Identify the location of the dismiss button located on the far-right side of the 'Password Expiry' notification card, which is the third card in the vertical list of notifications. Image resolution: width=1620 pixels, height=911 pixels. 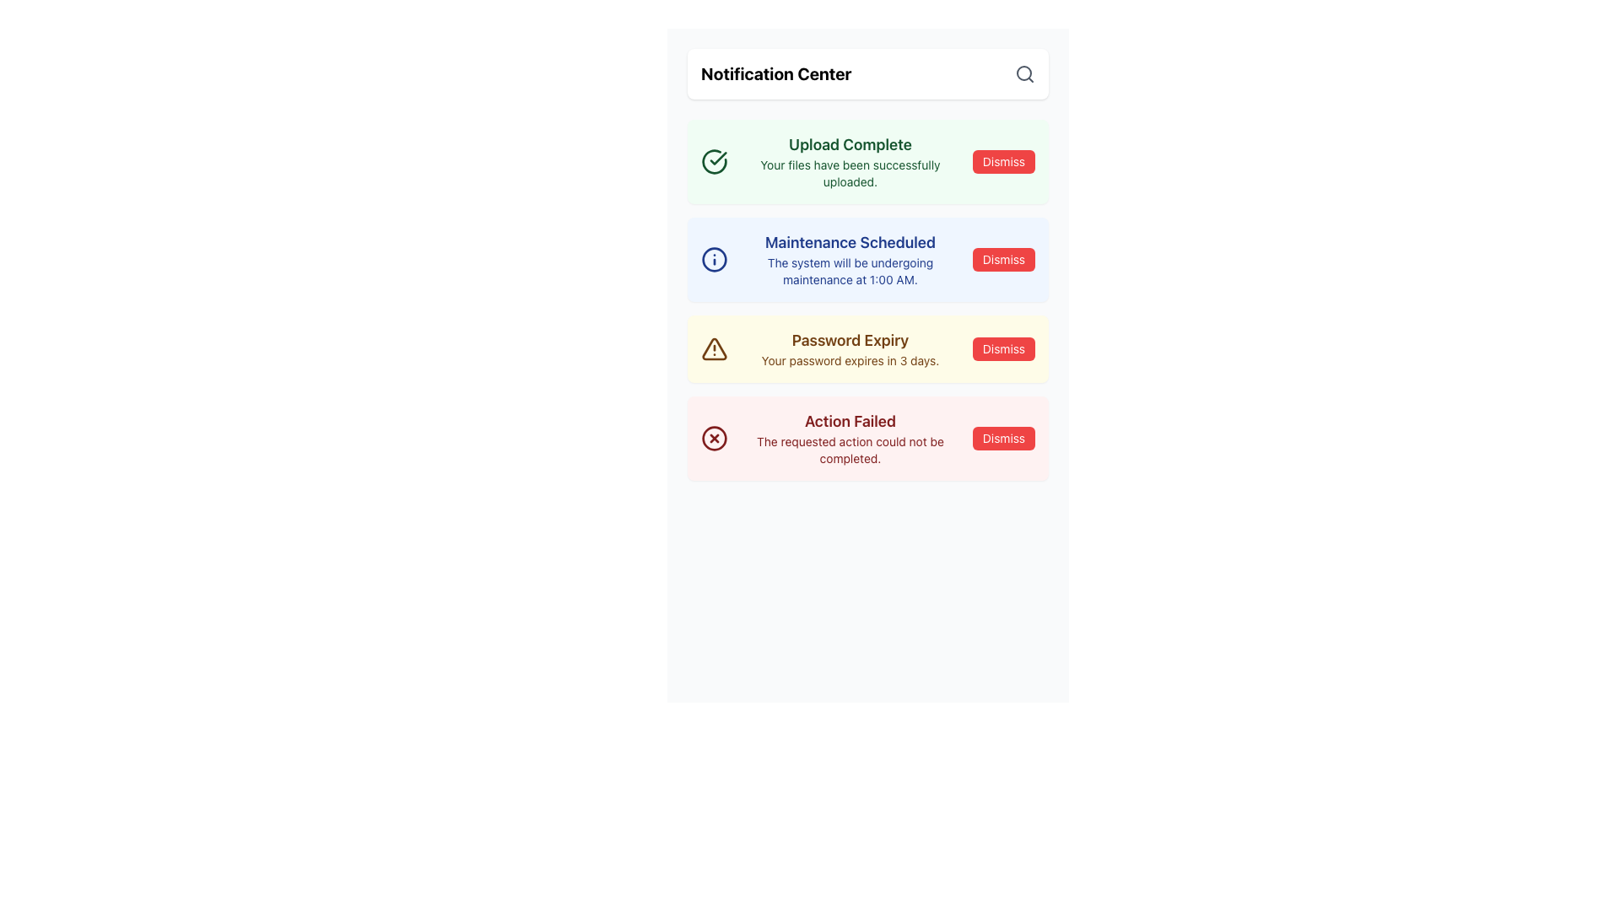
(1004, 348).